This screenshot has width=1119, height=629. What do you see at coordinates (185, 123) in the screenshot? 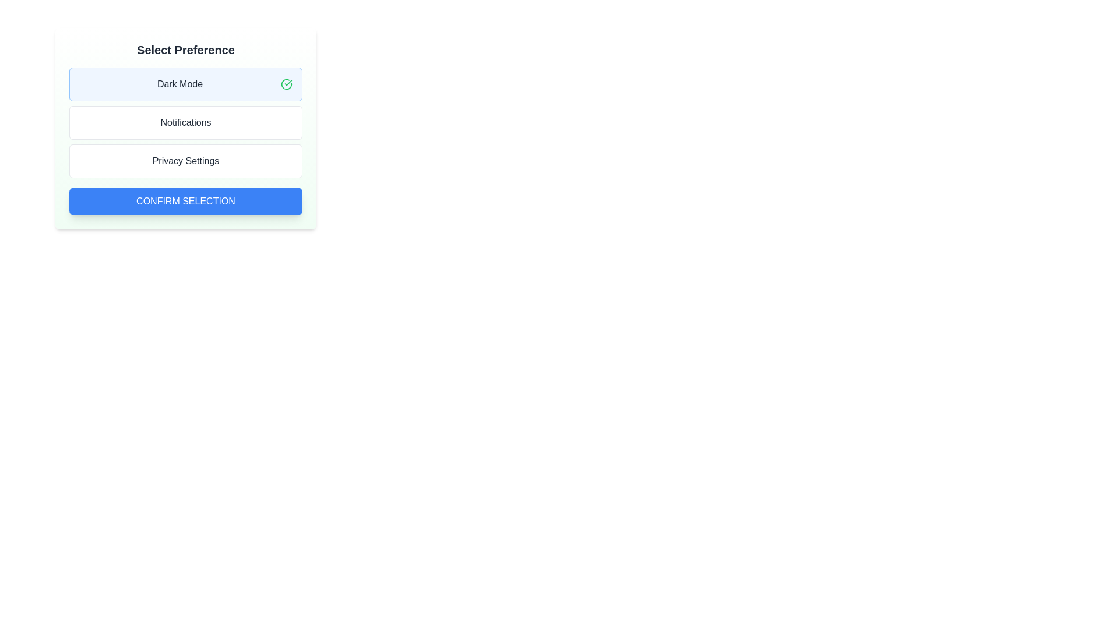
I see `one of the items in the vertical menu of selectable options located below the 'Select Preference' header` at bounding box center [185, 123].